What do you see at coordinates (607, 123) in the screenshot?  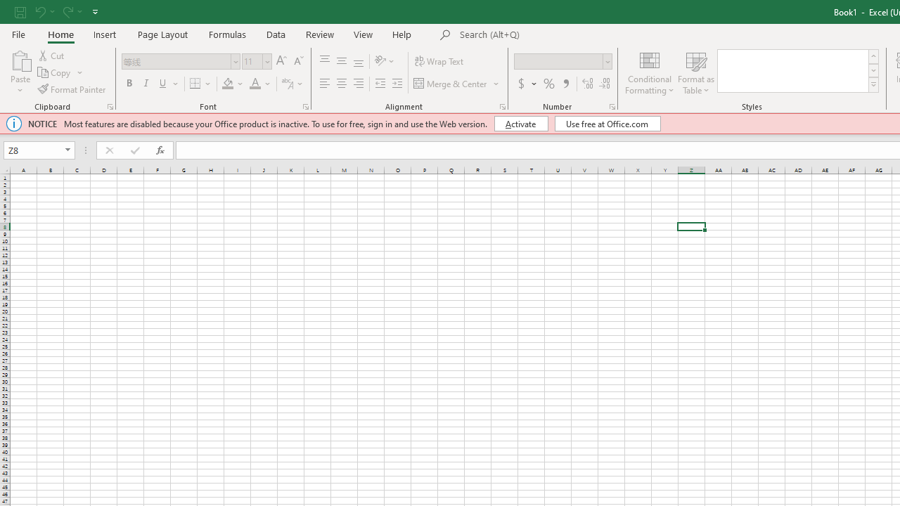 I see `'Use free at Office.com'` at bounding box center [607, 123].